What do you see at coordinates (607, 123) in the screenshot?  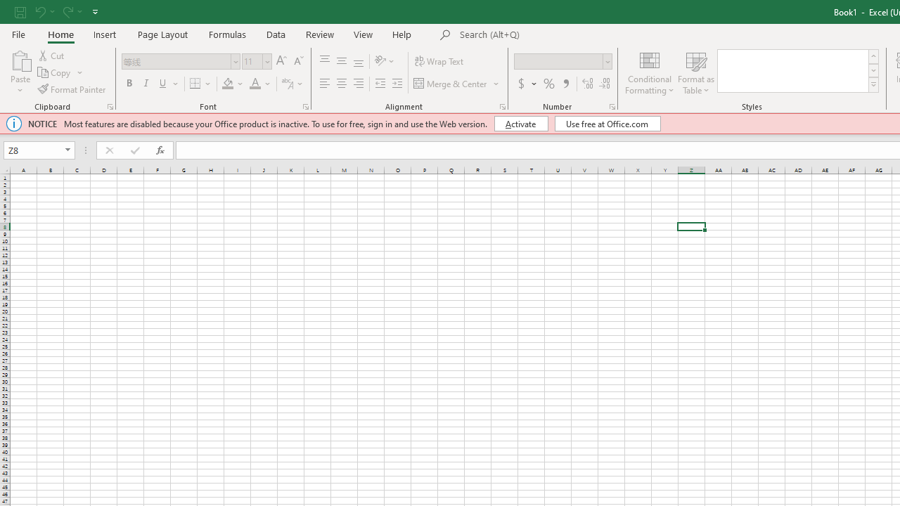 I see `'Use free at Office.com'` at bounding box center [607, 123].